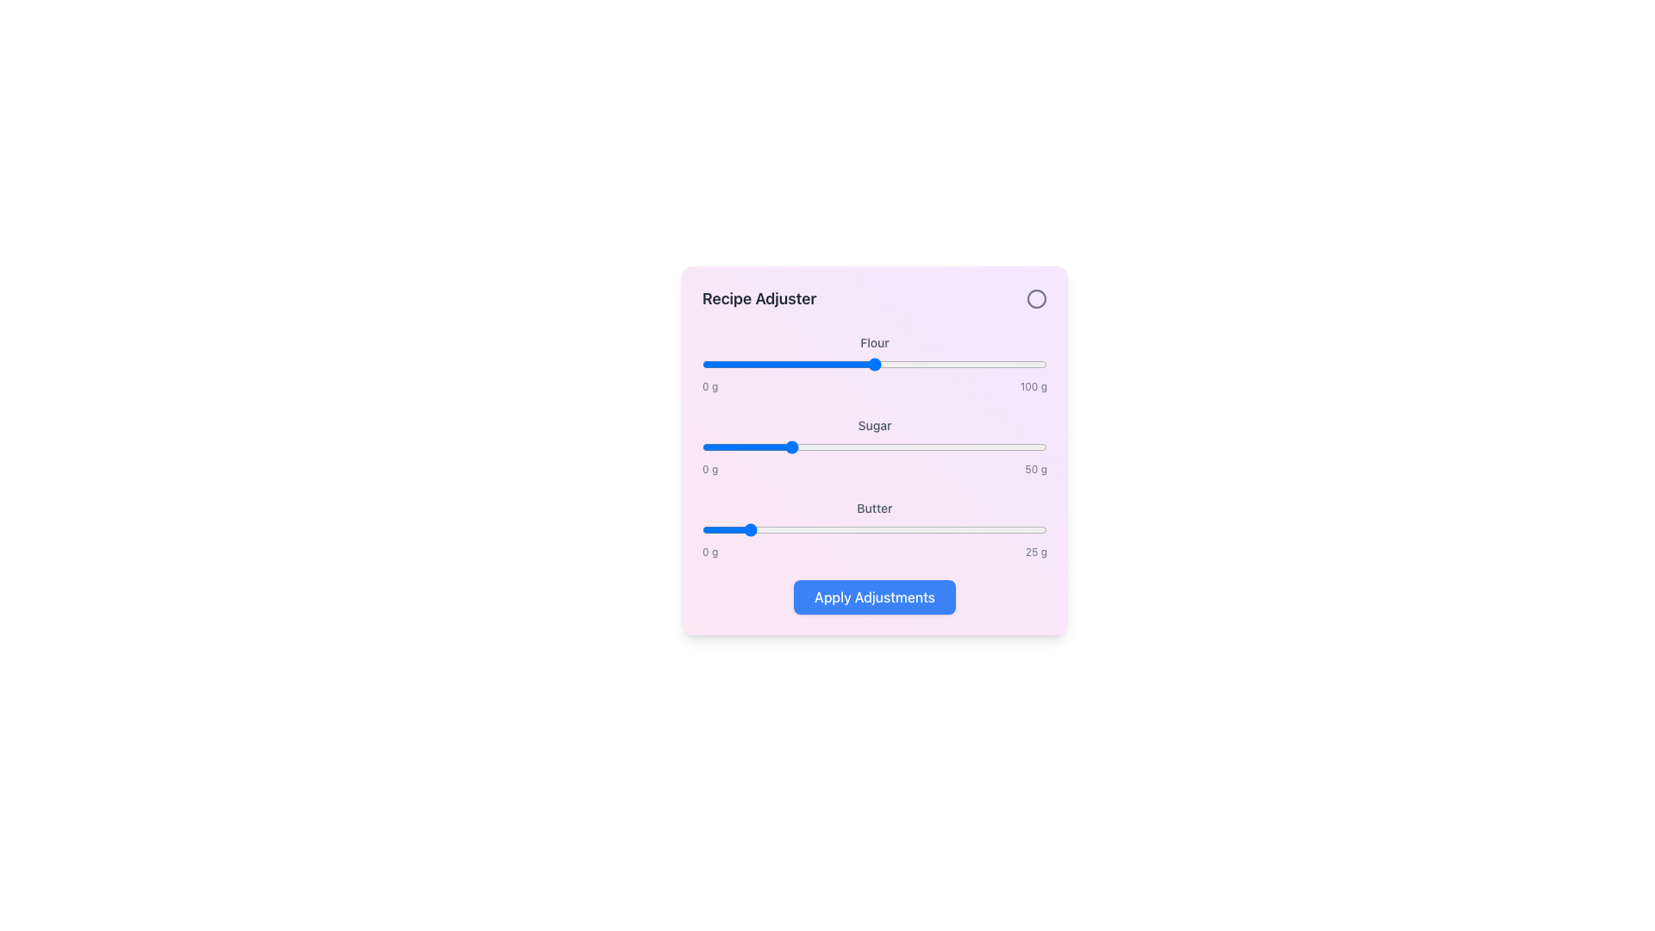 This screenshot has height=931, width=1655. I want to click on the text label displaying '25 g', styled in gray font, located at the right end of the 'Butter' slider component, so click(1035, 552).